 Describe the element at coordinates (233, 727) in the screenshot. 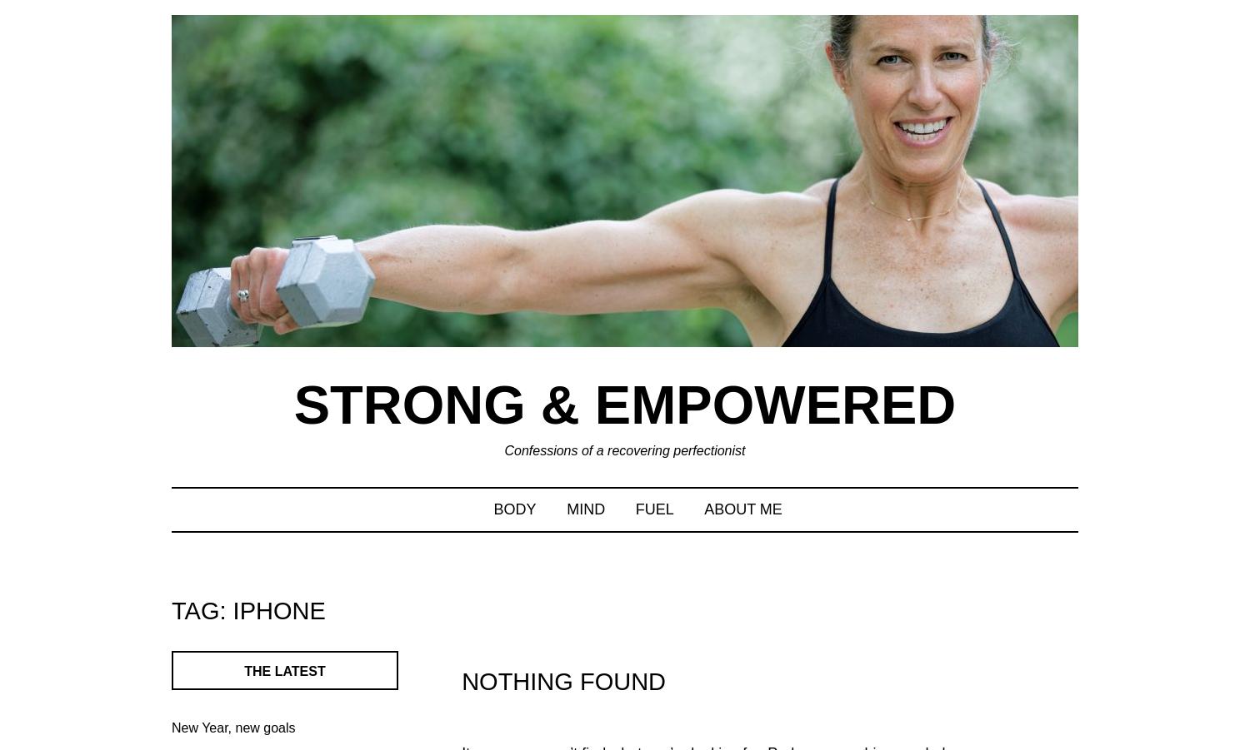

I see `'New Year, new goals'` at that location.